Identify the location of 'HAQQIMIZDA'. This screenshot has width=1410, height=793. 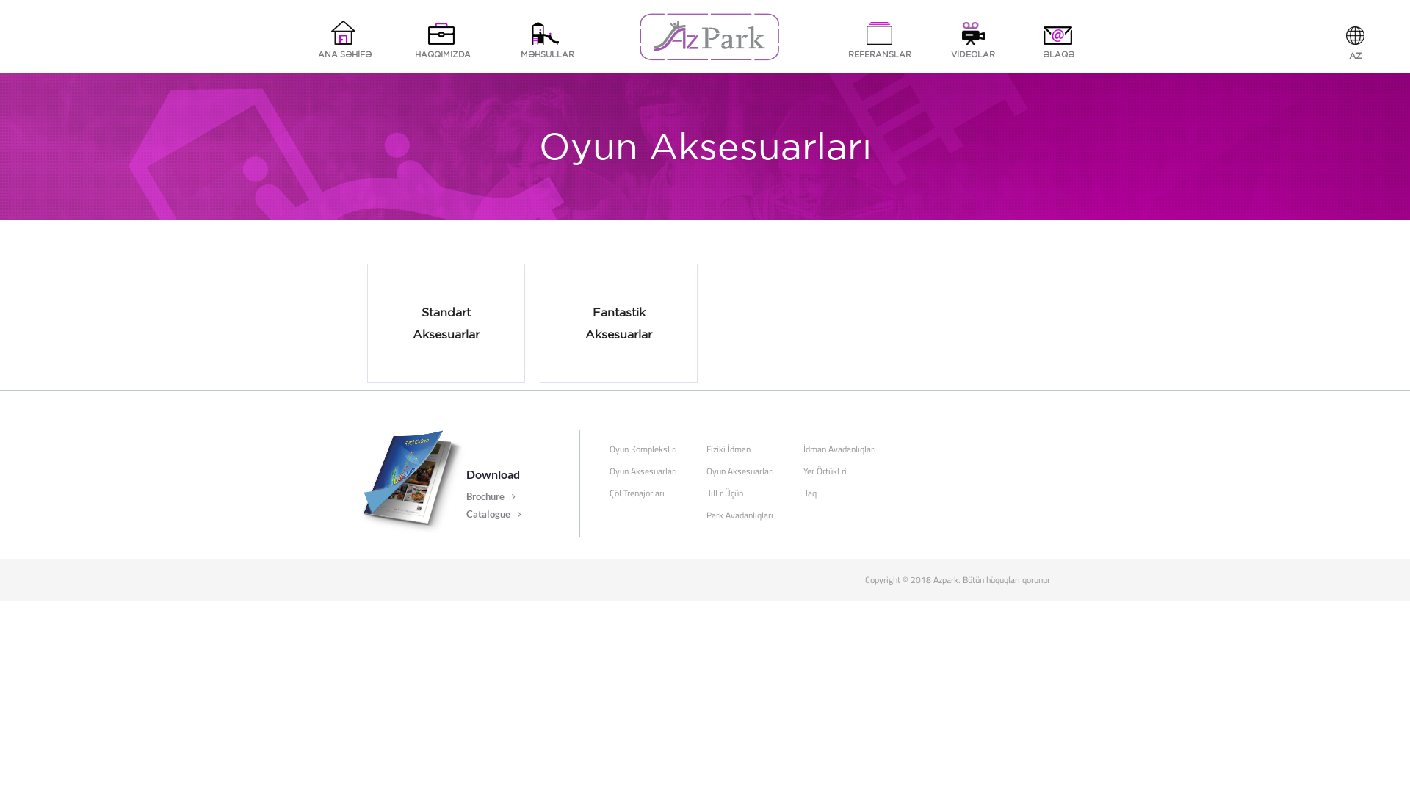
(442, 39).